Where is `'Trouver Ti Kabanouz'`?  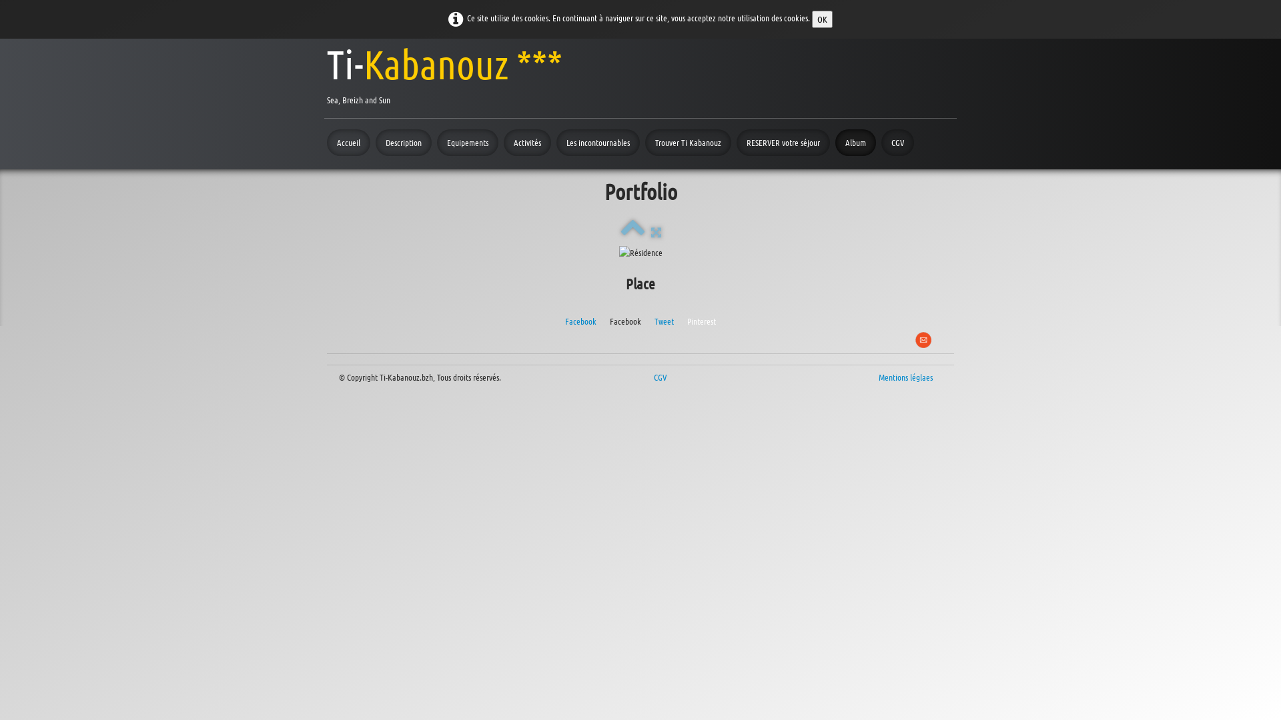
'Trouver Ti Kabanouz' is located at coordinates (688, 142).